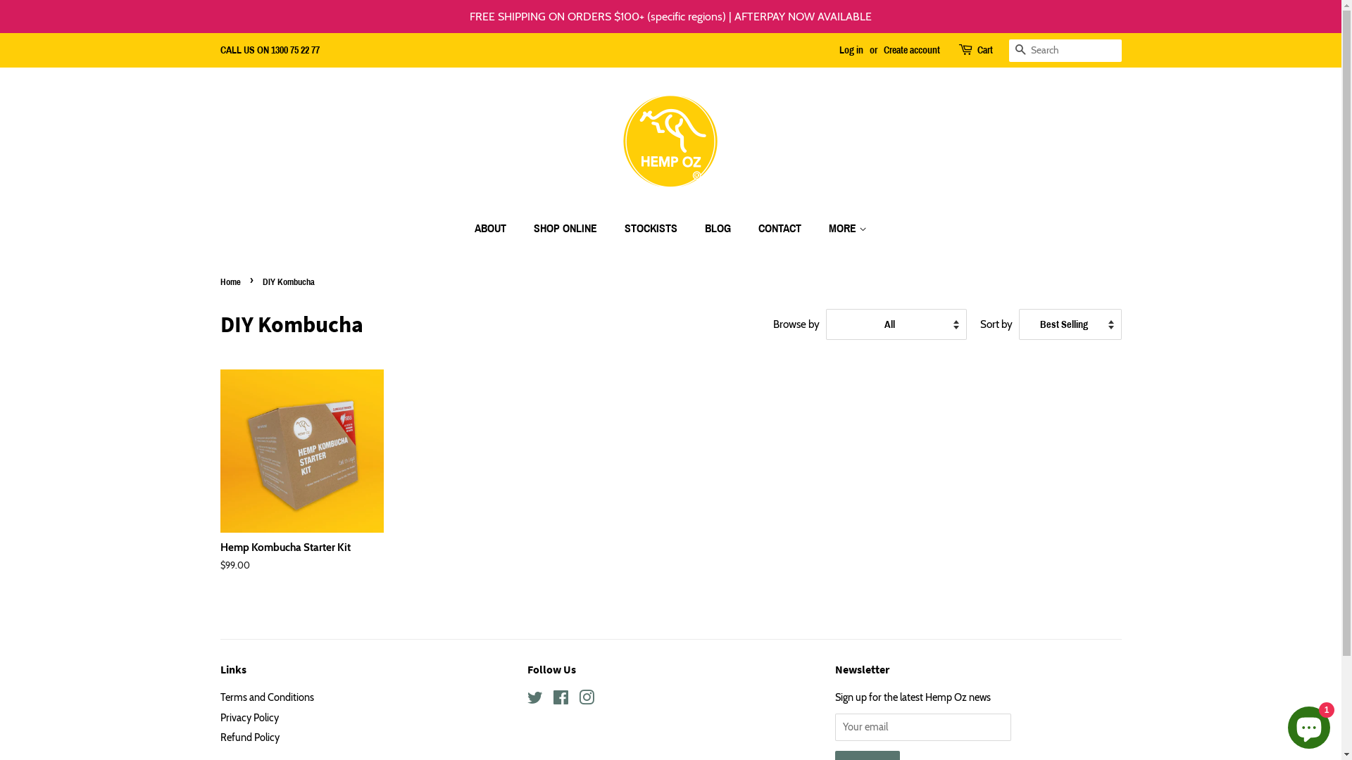  What do you see at coordinates (219, 737) in the screenshot?
I see `'Refund Policy'` at bounding box center [219, 737].